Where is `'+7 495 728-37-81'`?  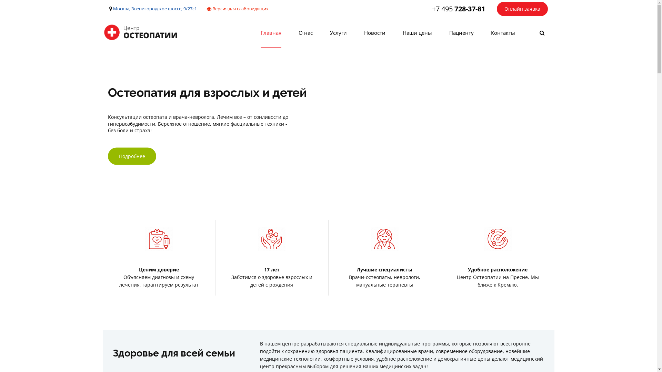
'+7 495 728-37-81' is located at coordinates (458, 9).